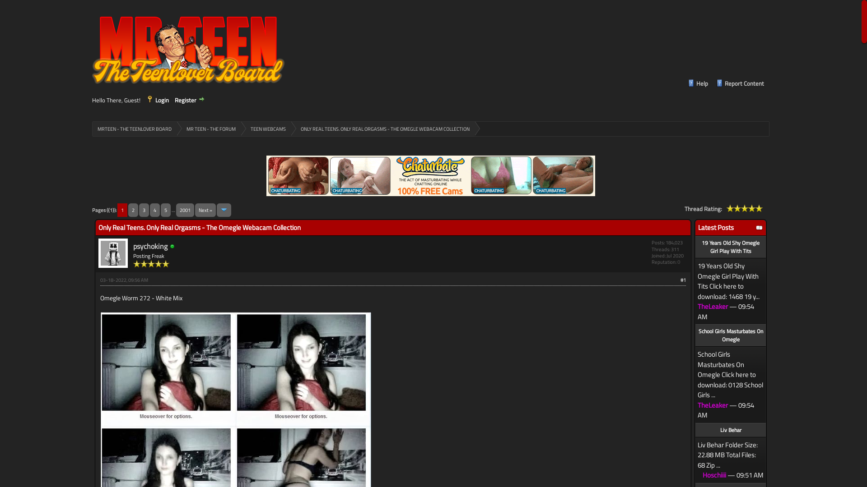 The image size is (867, 487). I want to click on '#1', so click(683, 280).